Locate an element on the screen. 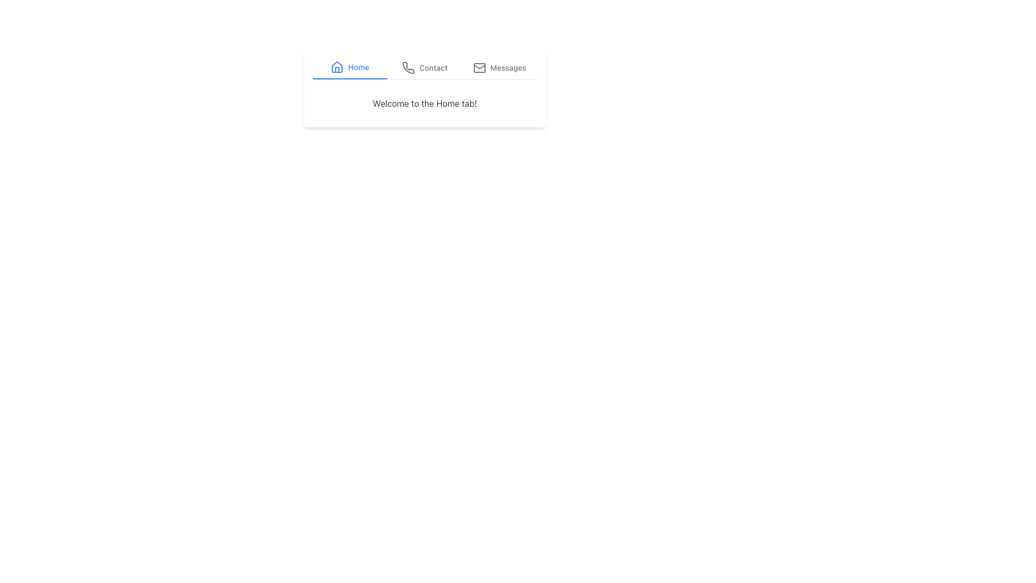 This screenshot has width=1036, height=583. the phone icon in the navigation bar is located at coordinates (408, 68).